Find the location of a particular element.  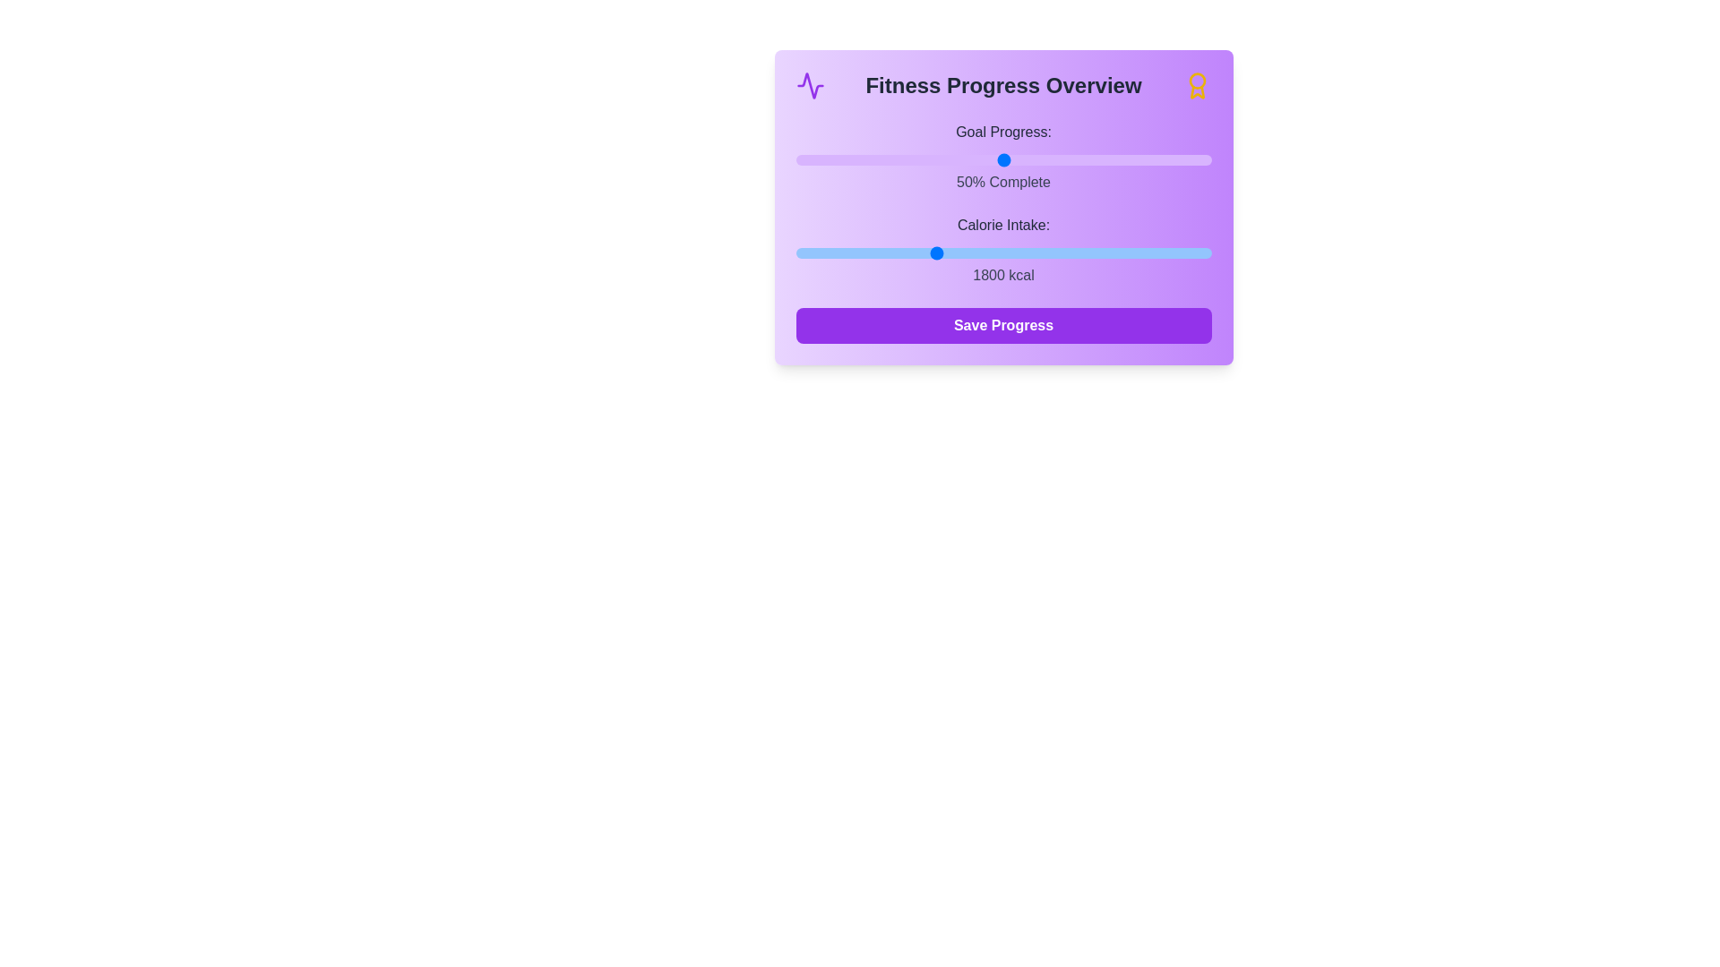

progress is located at coordinates (1127, 158).